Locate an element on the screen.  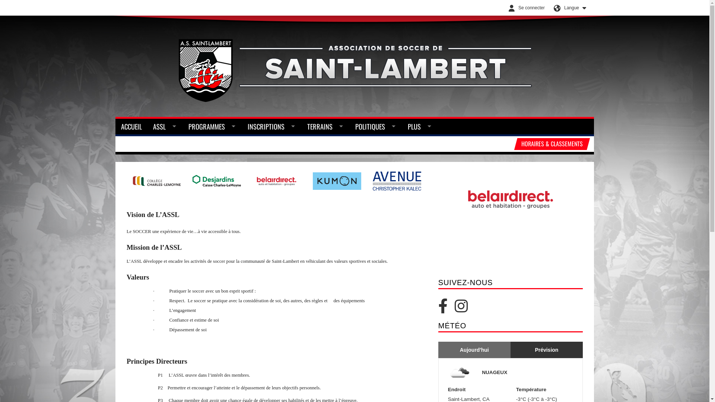
'POLITIQUES' is located at coordinates (376, 126).